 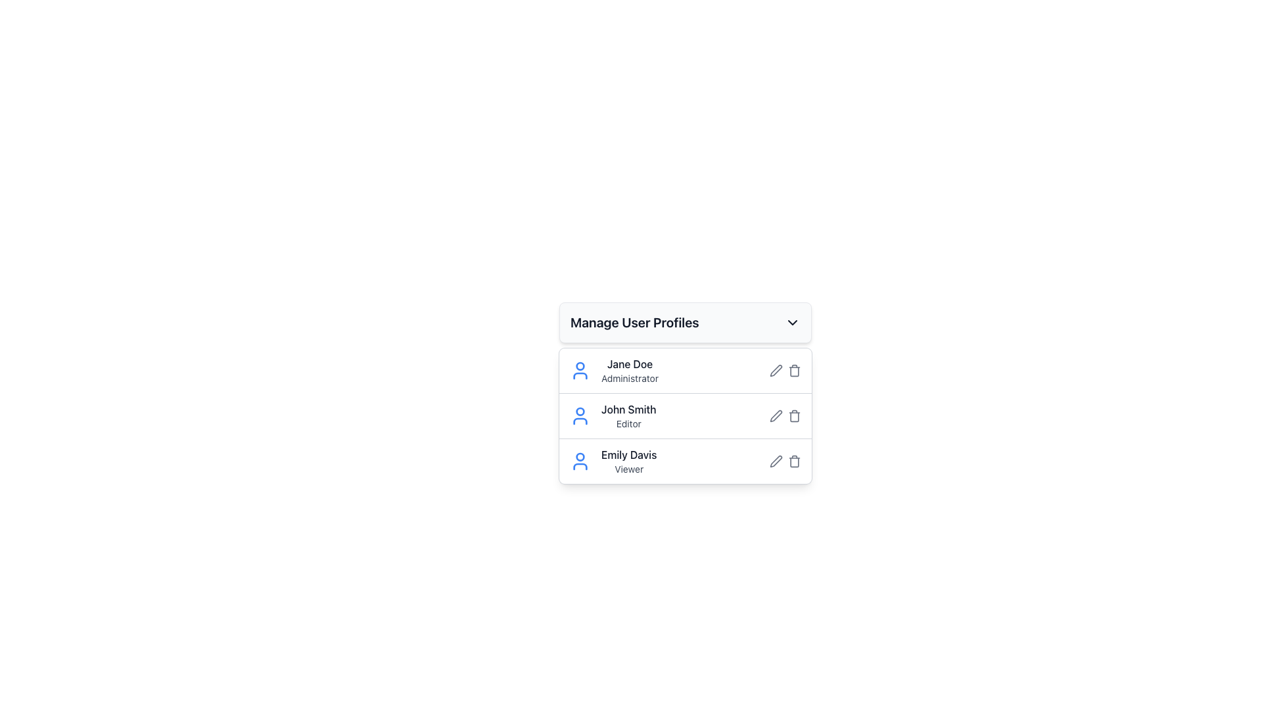 What do you see at coordinates (684, 460) in the screenshot?
I see `the user information displayed in the User Profile Display for Emily Davis, located in the Manage User Profiles section` at bounding box center [684, 460].